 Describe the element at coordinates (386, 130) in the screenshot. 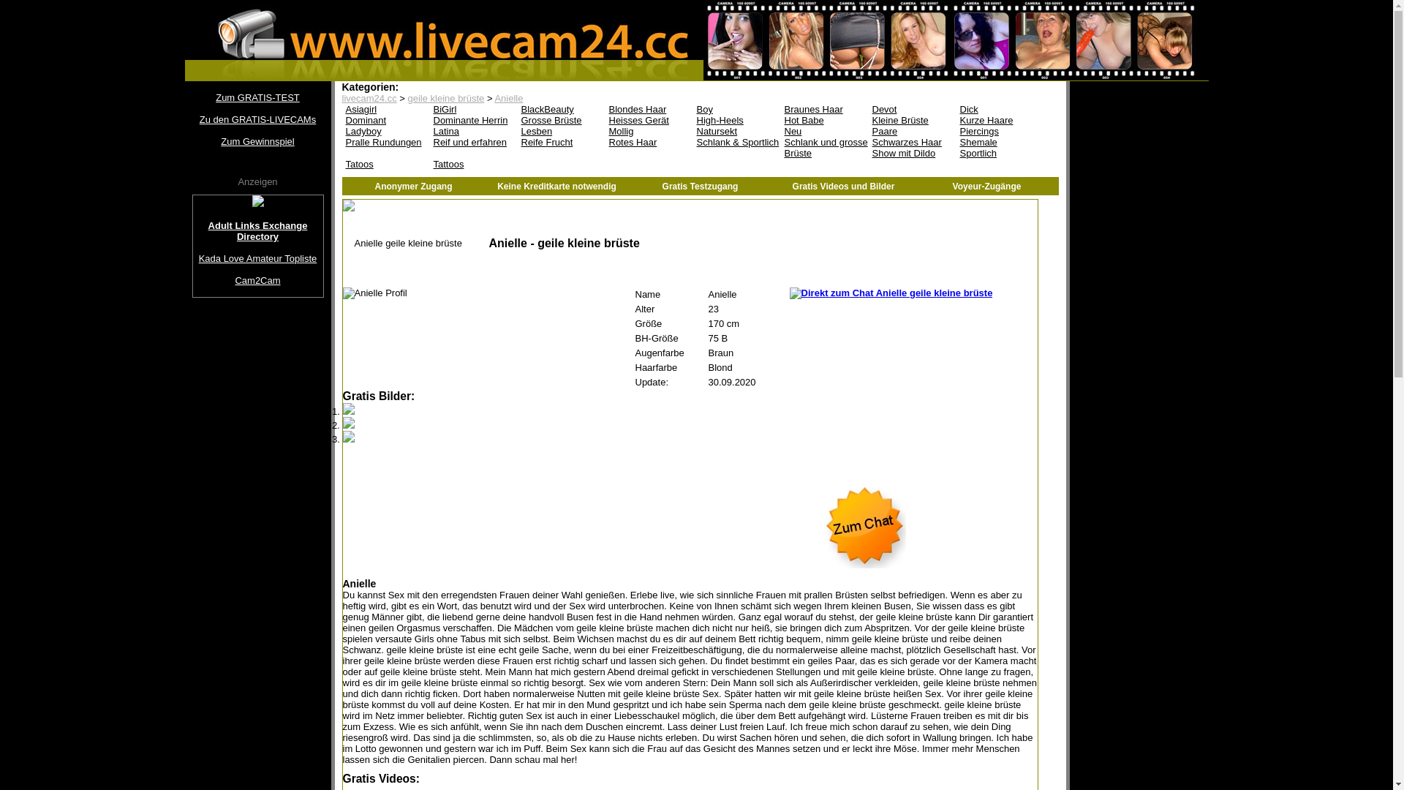

I see `'Ladyboy'` at that location.